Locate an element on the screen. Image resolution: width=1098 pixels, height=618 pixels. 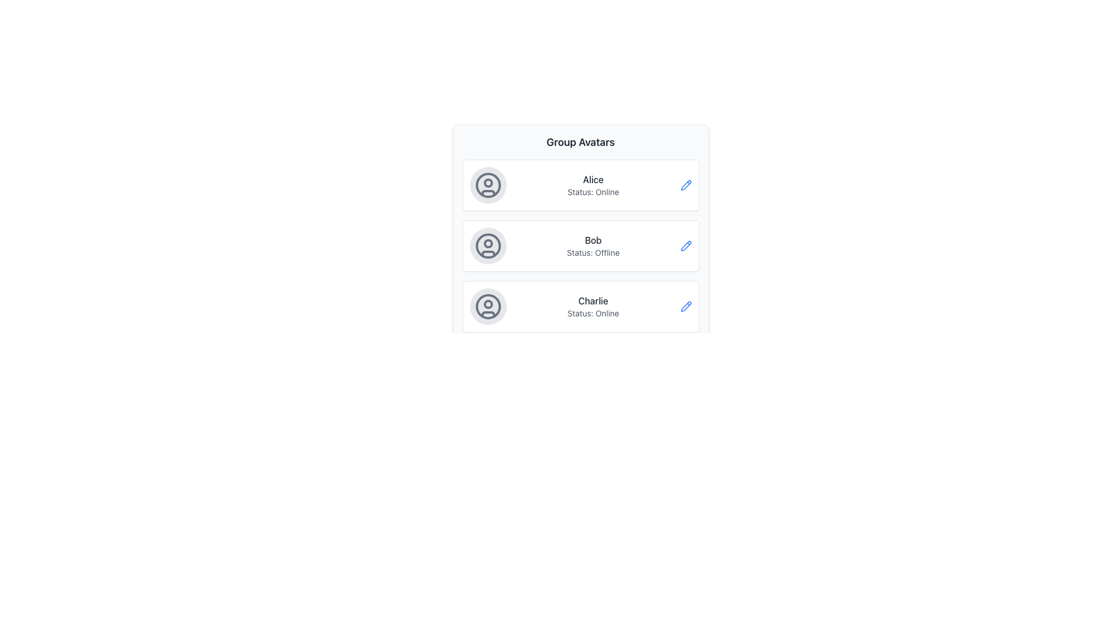
the text label displaying the name 'Charlie', which is located in the third item of a vertical list of user information cards, aligned to the left of the 'Status: Online' text is located at coordinates (593, 300).